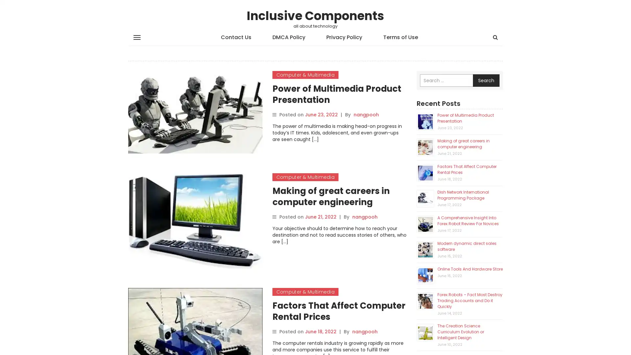 Image resolution: width=631 pixels, height=355 pixels. I want to click on Search, so click(486, 80).